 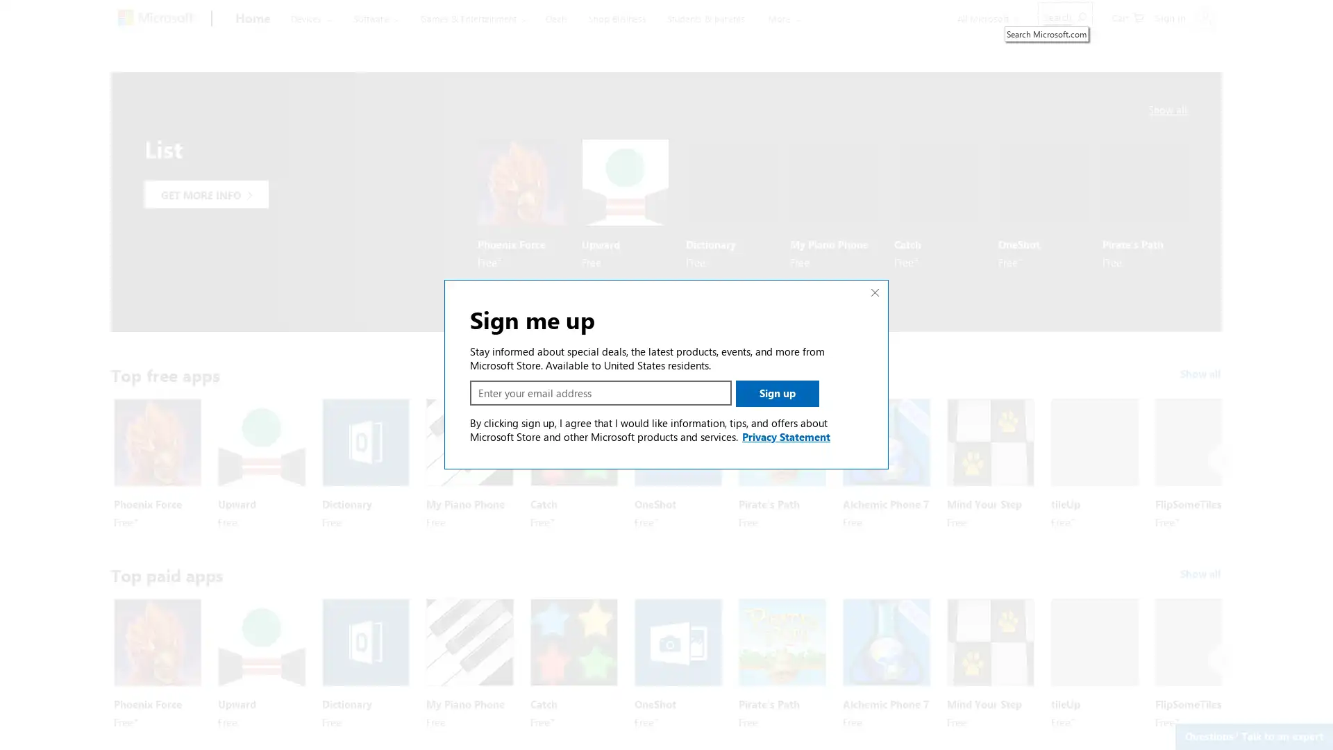 What do you see at coordinates (1223, 658) in the screenshot?
I see `Next` at bounding box center [1223, 658].